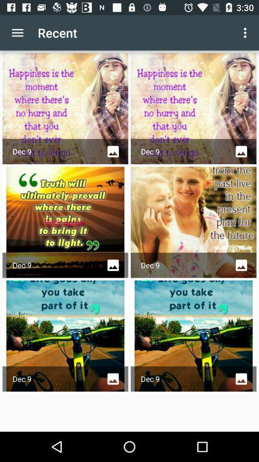 The height and width of the screenshot is (462, 259). Describe the element at coordinates (17, 33) in the screenshot. I see `app to the left of the recent` at that location.